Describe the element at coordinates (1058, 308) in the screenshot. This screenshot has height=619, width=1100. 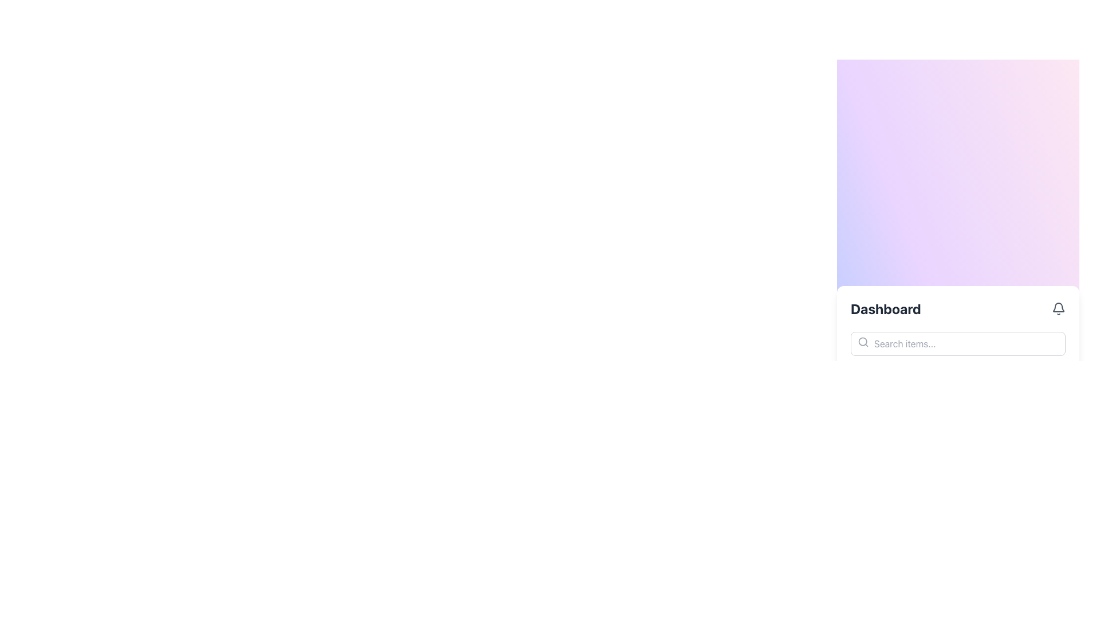
I see `the gray bell-shaped icon located on the rightmost side of the header bar in the 'Dashboard' section` at that location.